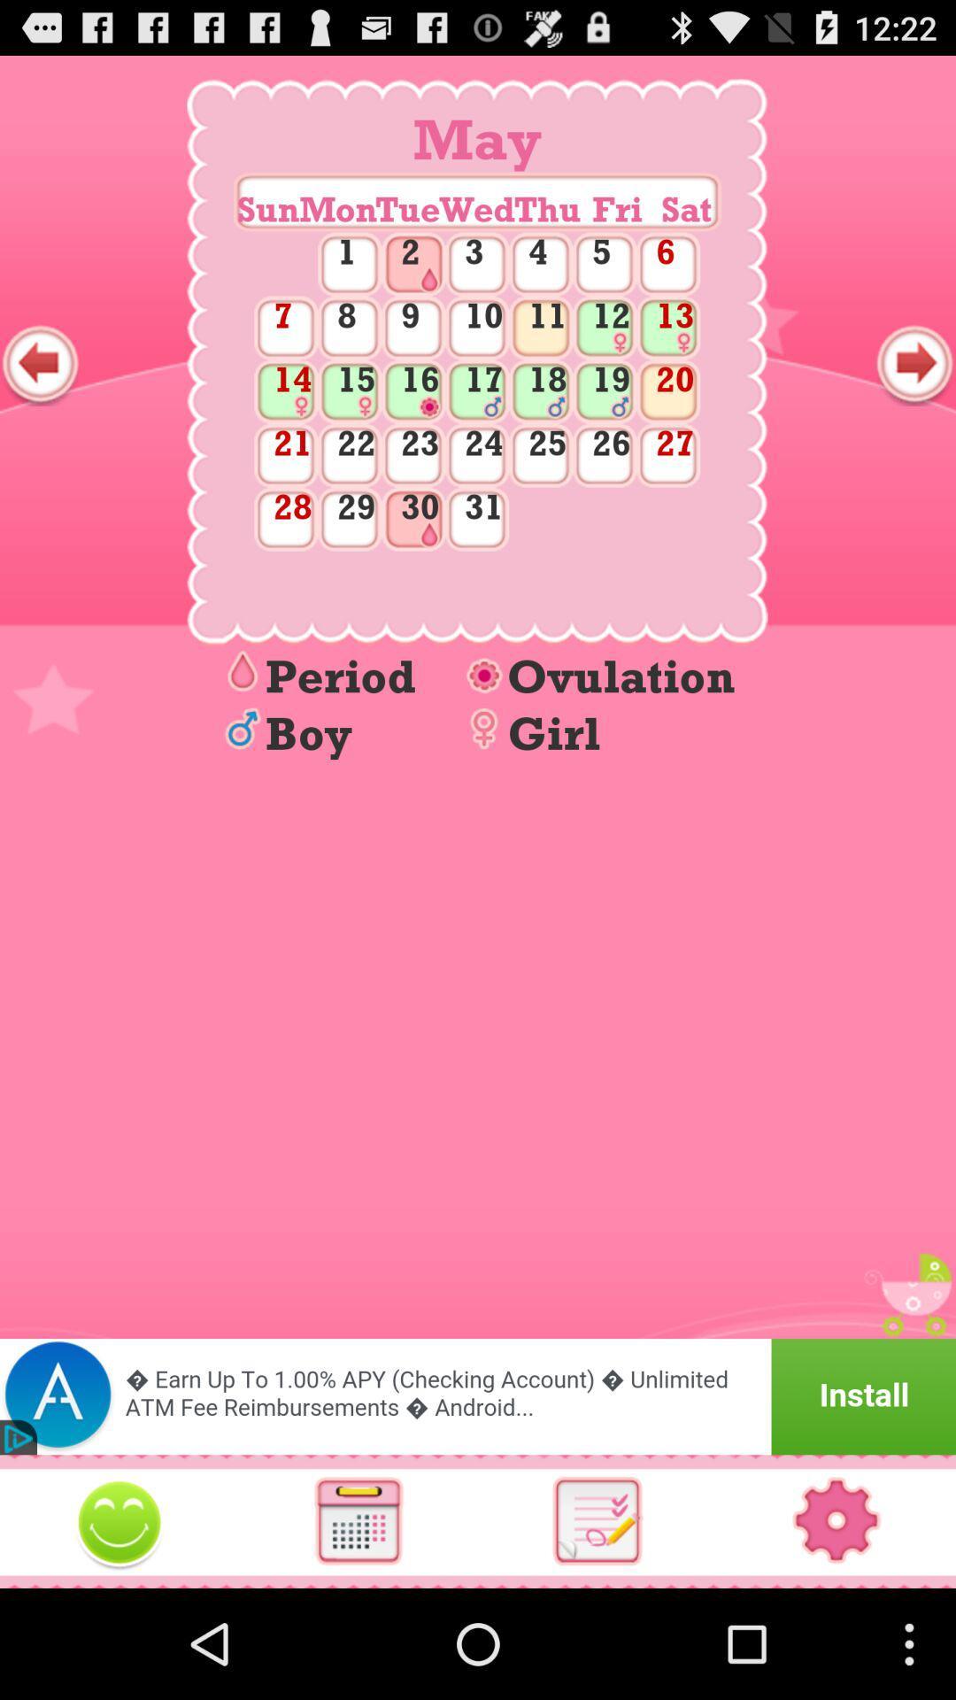 Image resolution: width=956 pixels, height=1700 pixels. Describe the element at coordinates (40, 363) in the screenshot. I see `back` at that location.